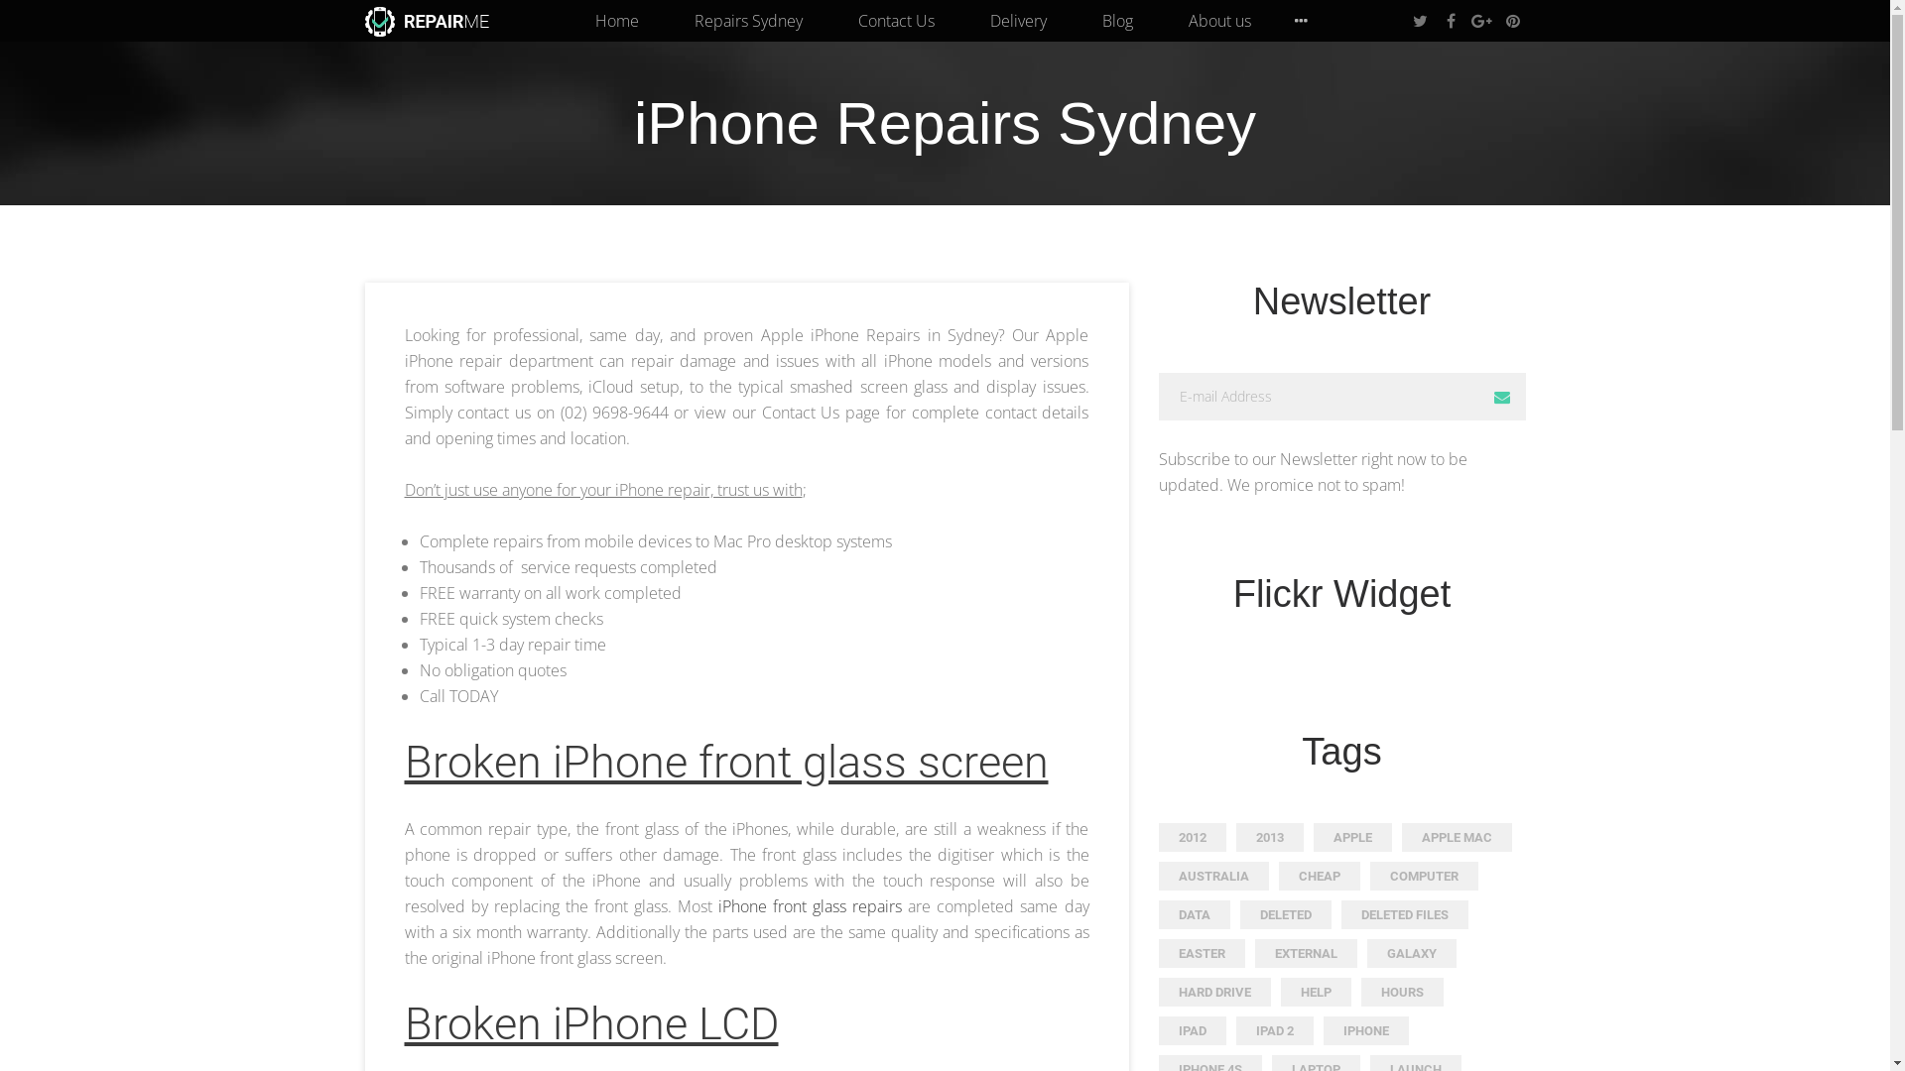 This screenshot has height=1071, width=1905. I want to click on 'CHEAP', so click(1319, 875).